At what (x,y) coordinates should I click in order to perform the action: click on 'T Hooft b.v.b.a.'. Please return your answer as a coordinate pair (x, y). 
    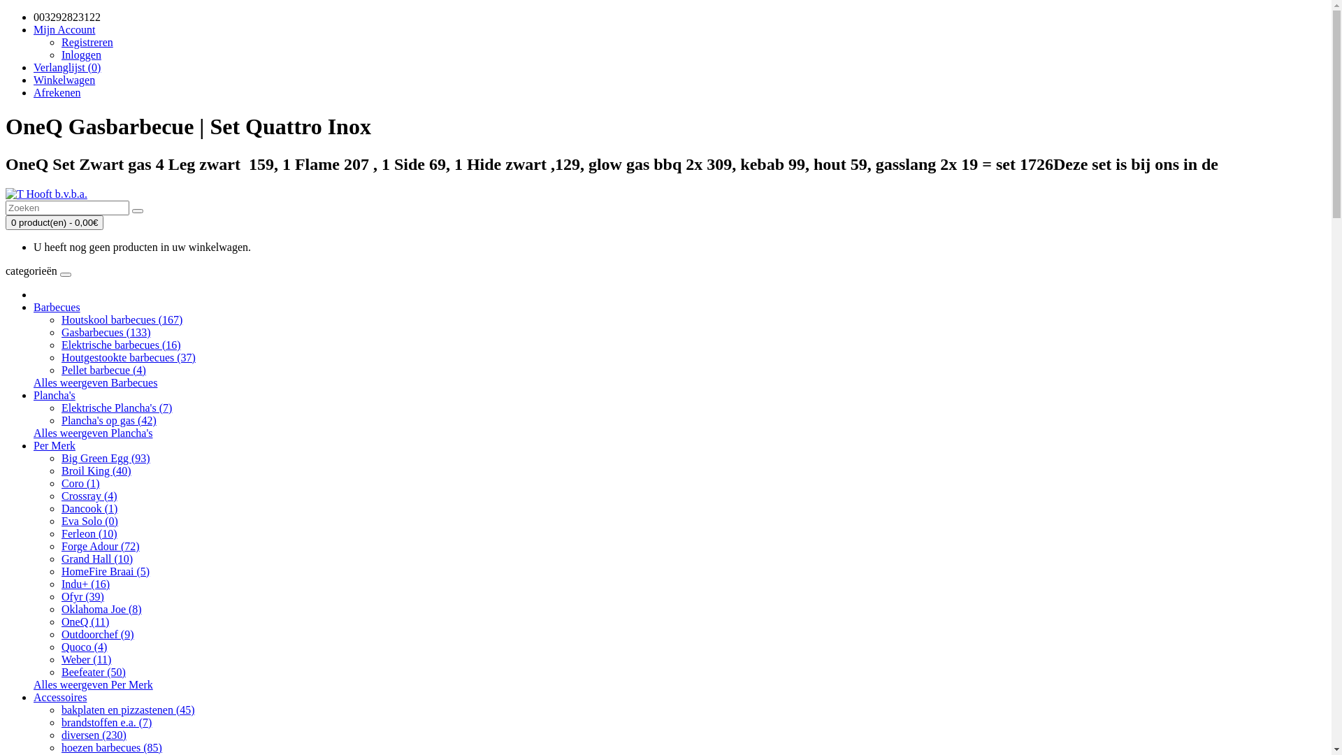
    Looking at the image, I should click on (46, 194).